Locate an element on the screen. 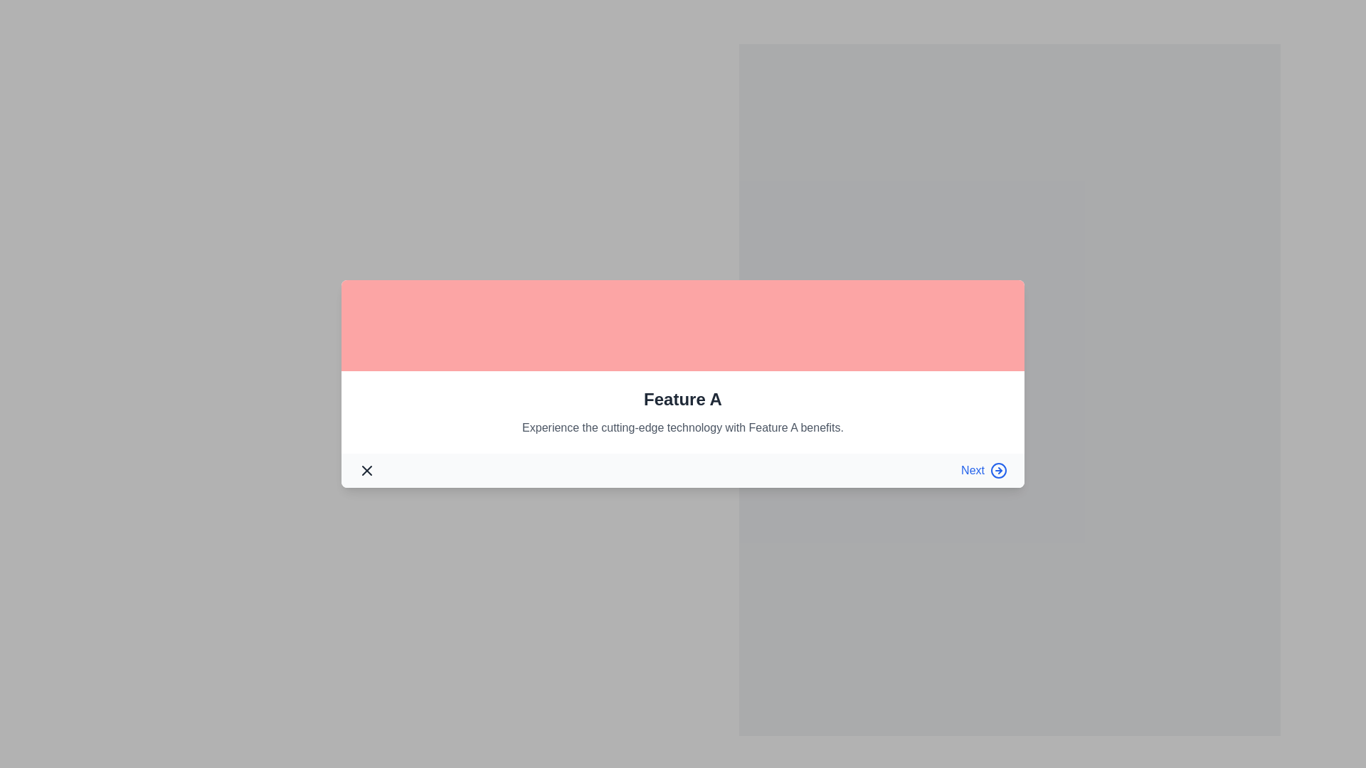 Image resolution: width=1366 pixels, height=768 pixels. the 'Next' button located at the bottom-right corner of the modal footer is located at coordinates (983, 471).